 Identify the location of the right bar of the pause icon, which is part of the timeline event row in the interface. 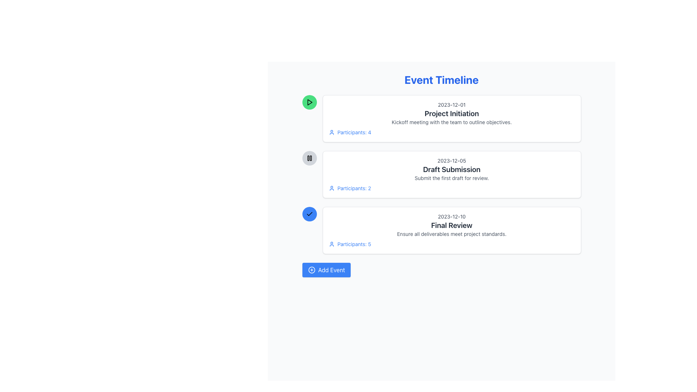
(310, 158).